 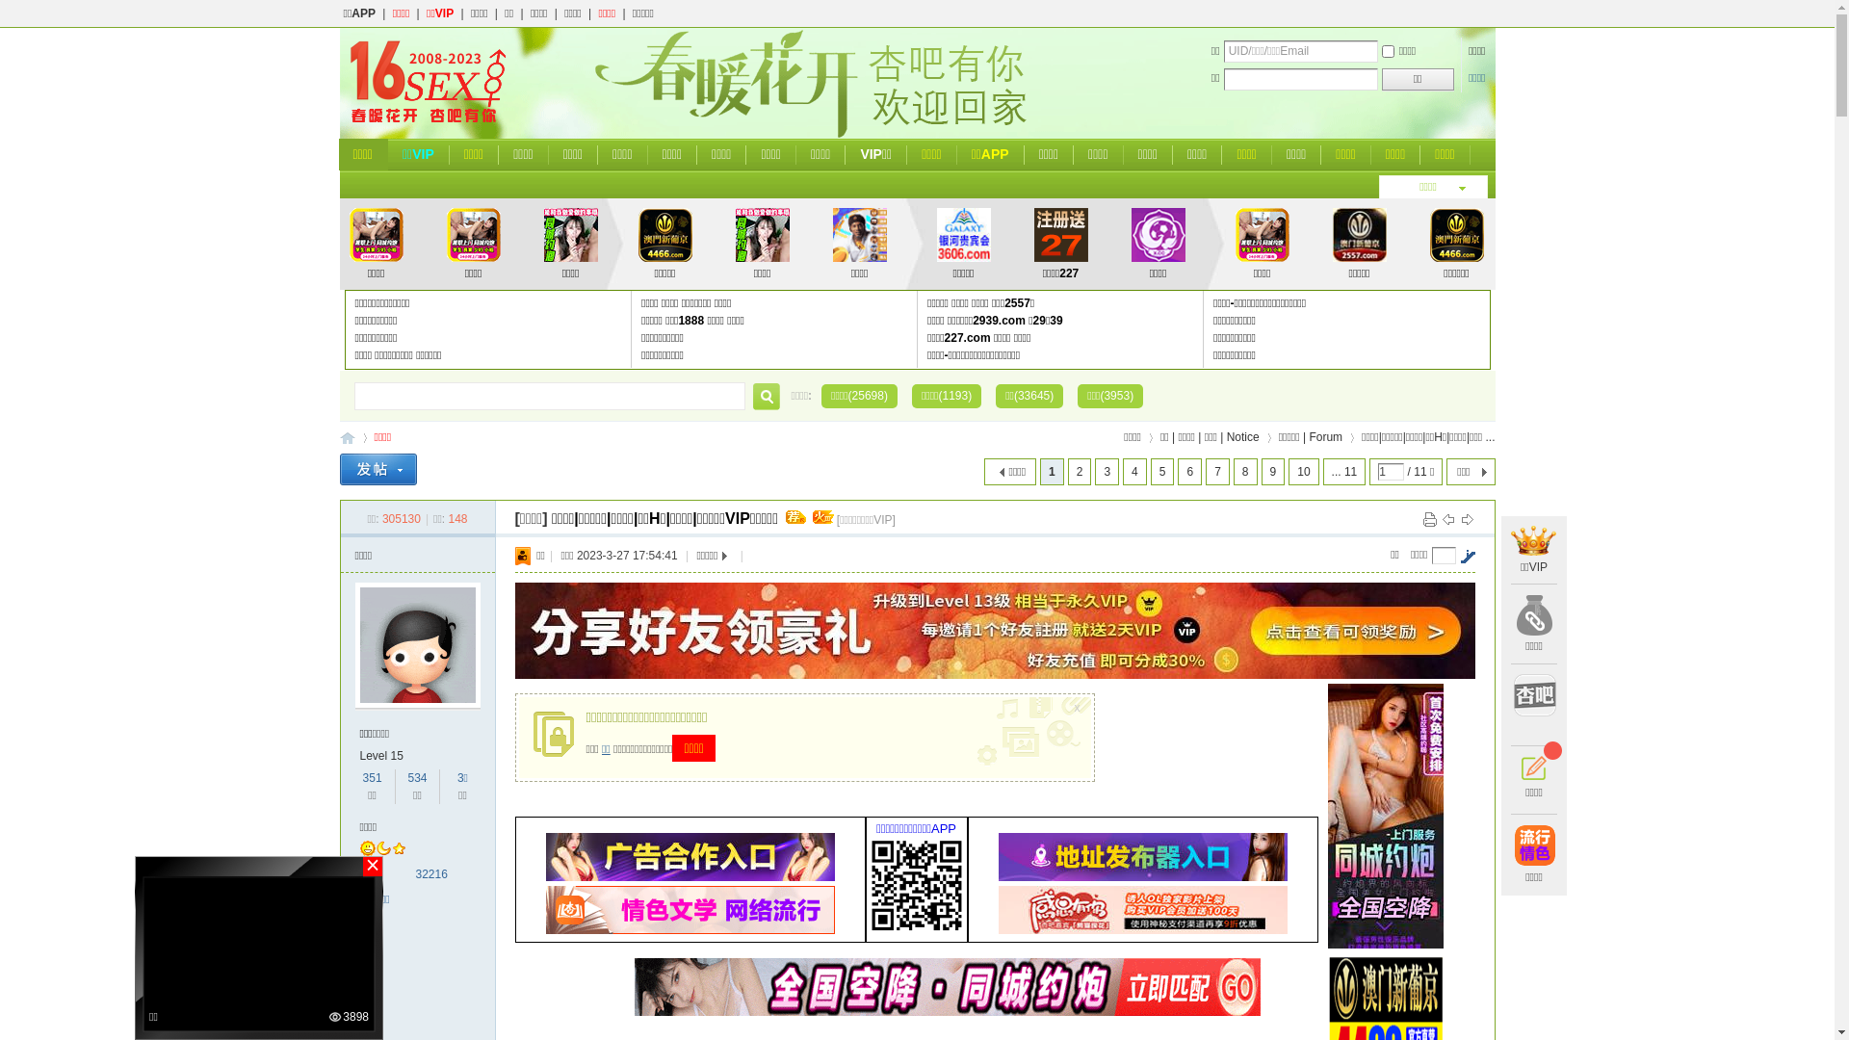 I want to click on '534', so click(x=405, y=776).